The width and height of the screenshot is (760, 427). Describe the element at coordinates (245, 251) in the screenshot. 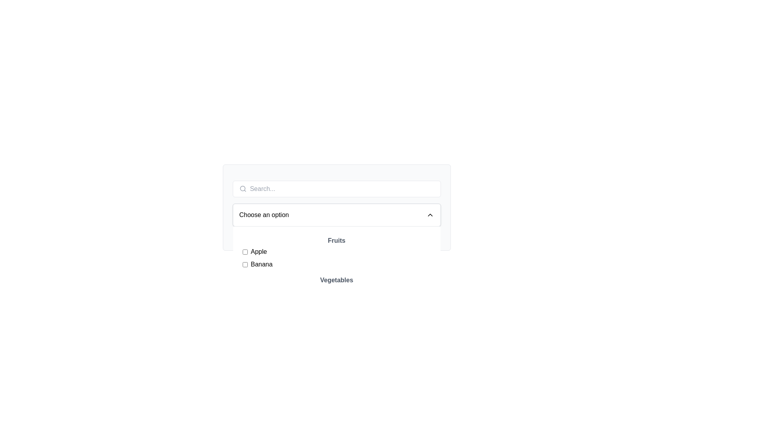

I see `the checkbox labeled 'Apple'` at that location.